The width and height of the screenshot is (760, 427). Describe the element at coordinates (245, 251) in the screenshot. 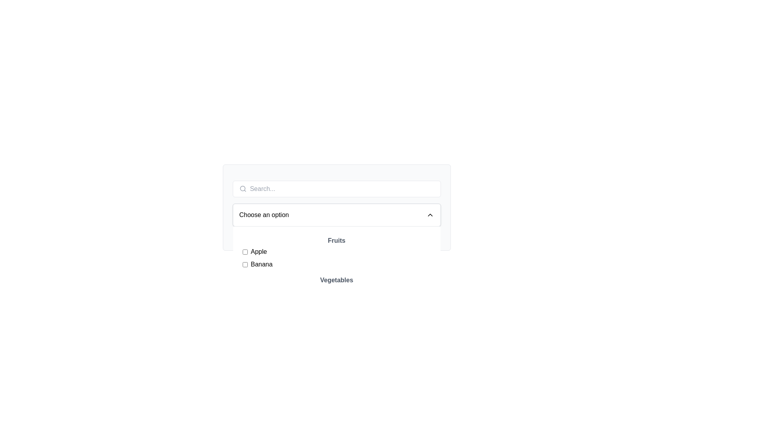

I see `the checkbox labeled 'Apple'` at that location.